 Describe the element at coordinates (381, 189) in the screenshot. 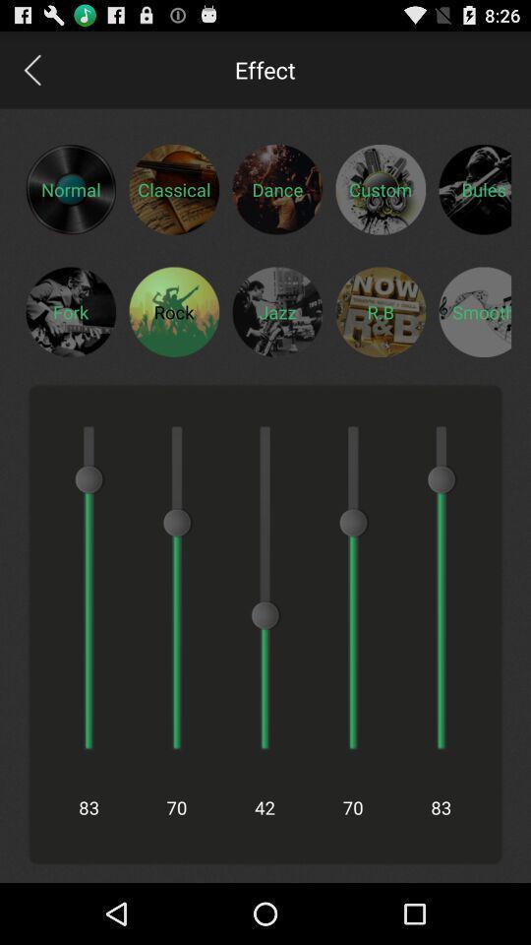

I see `custom` at that location.